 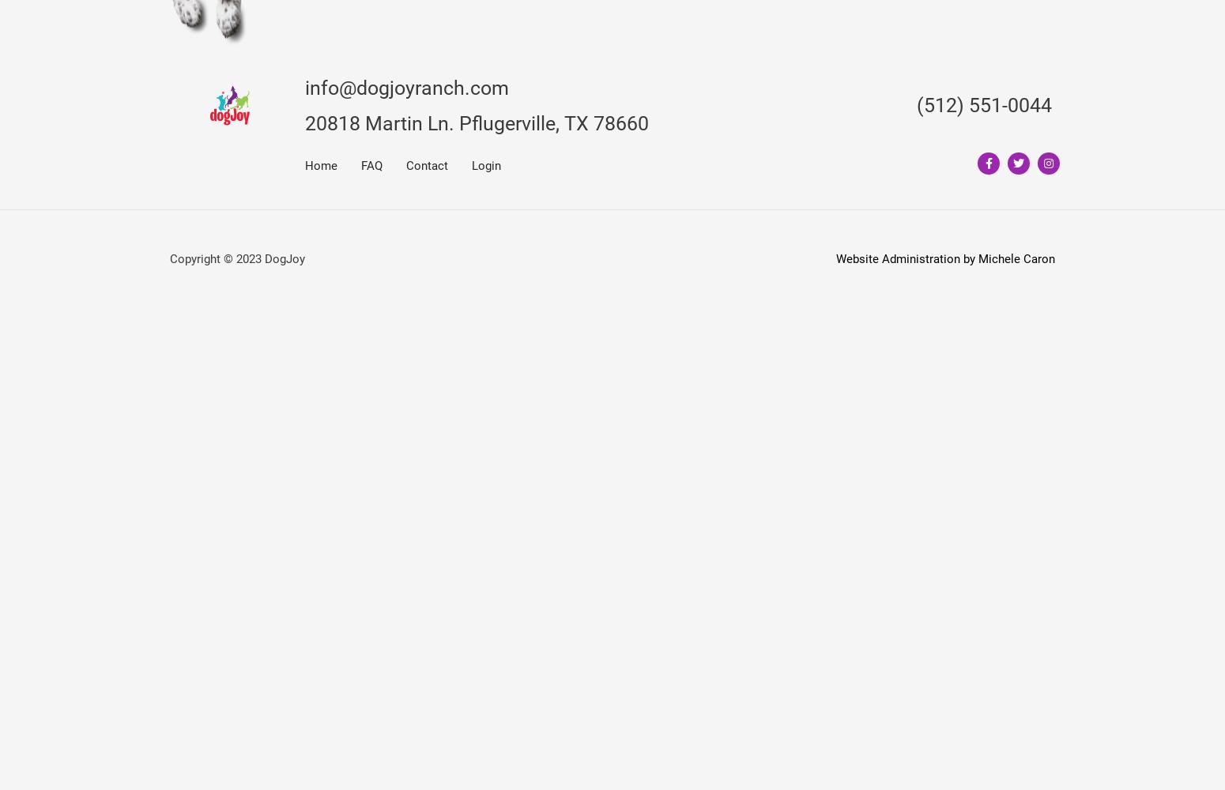 I want to click on '20818 Martin Ln. Pflugerville, TX 78660', so click(x=477, y=122).